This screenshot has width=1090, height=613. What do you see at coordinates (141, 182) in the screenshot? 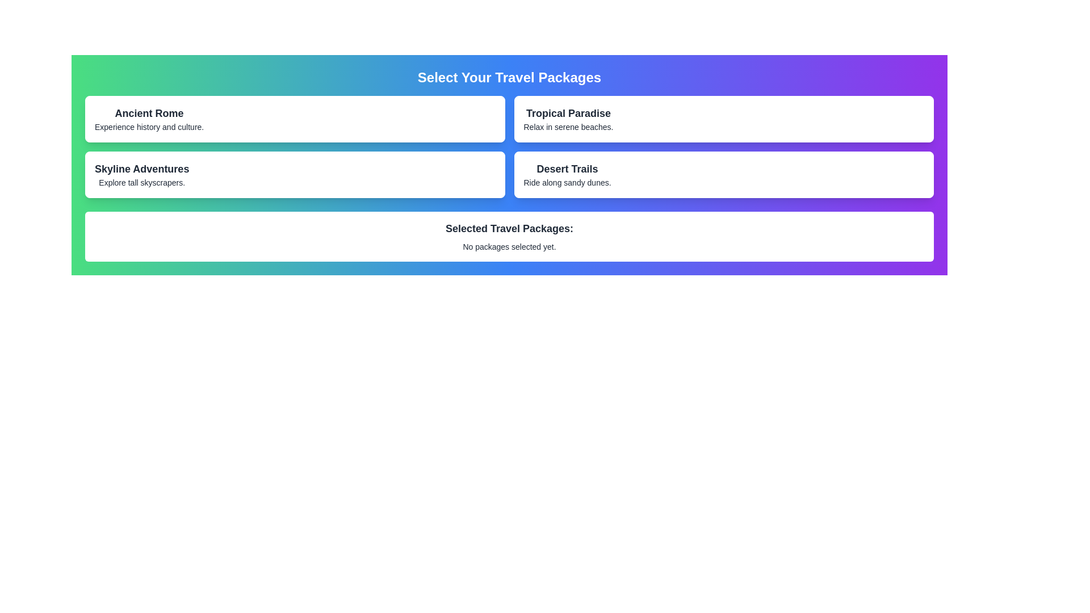
I see `the descriptive subtitle text label located directly under the heading 'Skyline Adventures' in the travel package list` at bounding box center [141, 182].